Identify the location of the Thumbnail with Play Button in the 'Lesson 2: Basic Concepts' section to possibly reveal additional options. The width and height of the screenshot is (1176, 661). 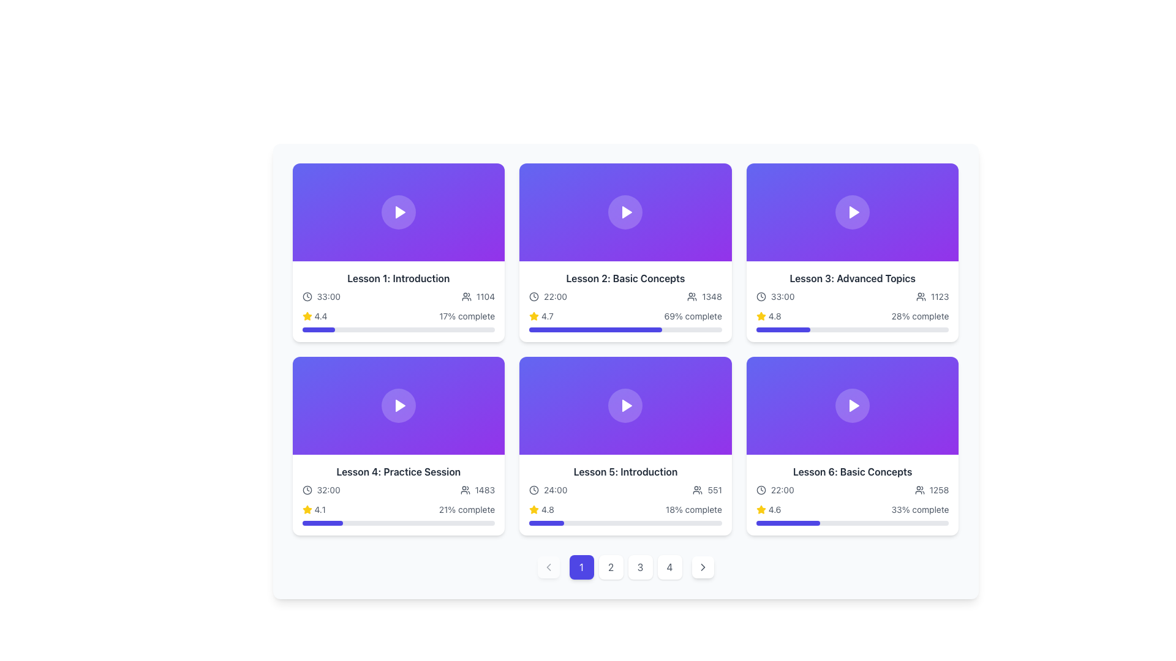
(625, 212).